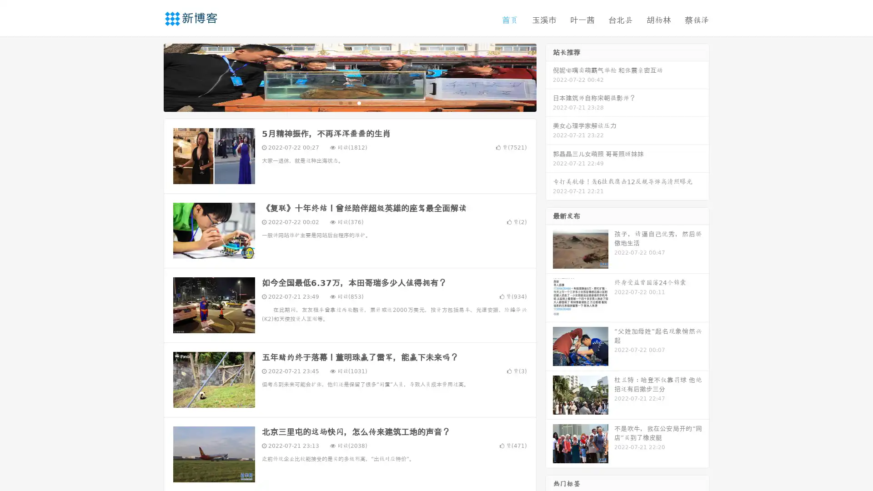  What do you see at coordinates (349, 102) in the screenshot?
I see `Go to slide 2` at bounding box center [349, 102].